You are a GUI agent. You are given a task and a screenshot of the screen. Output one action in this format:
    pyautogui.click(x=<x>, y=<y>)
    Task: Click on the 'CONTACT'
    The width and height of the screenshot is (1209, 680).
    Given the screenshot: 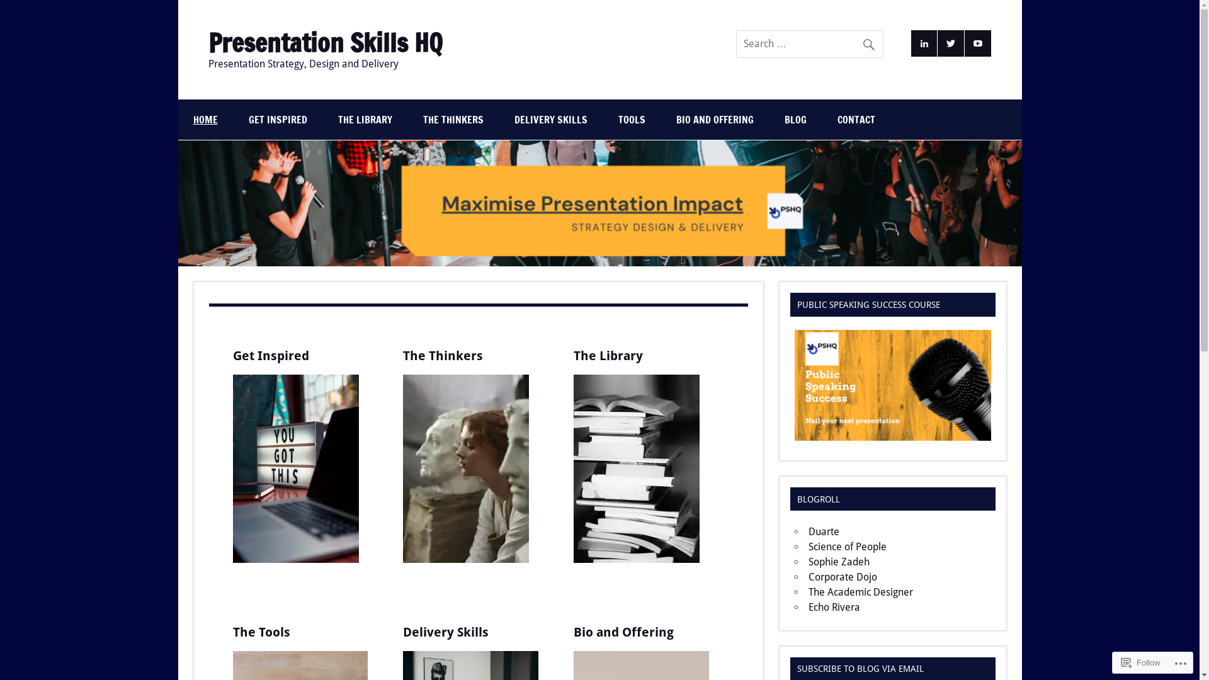 What is the action you would take?
    pyautogui.click(x=856, y=119)
    